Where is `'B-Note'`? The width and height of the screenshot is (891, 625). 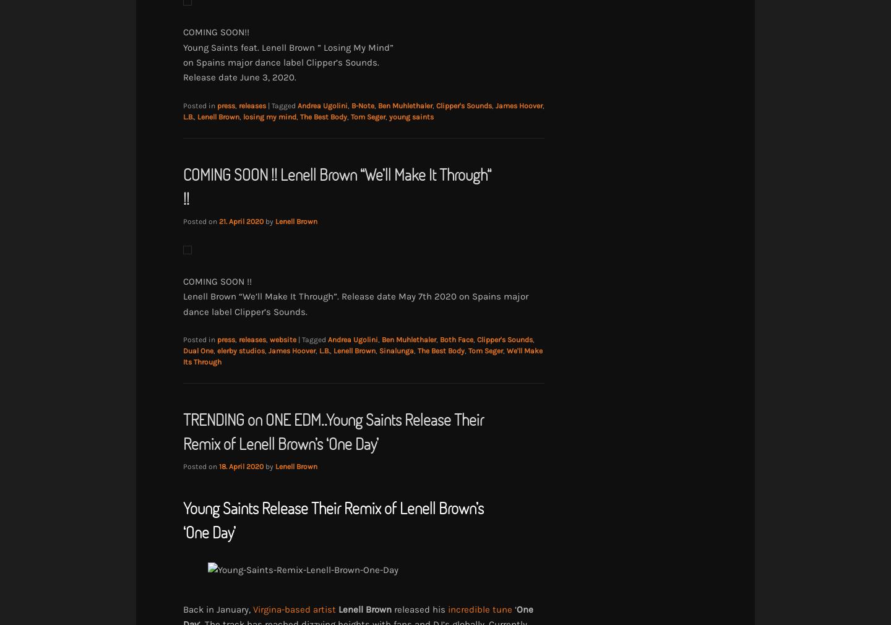
'B-Note' is located at coordinates (363, 105).